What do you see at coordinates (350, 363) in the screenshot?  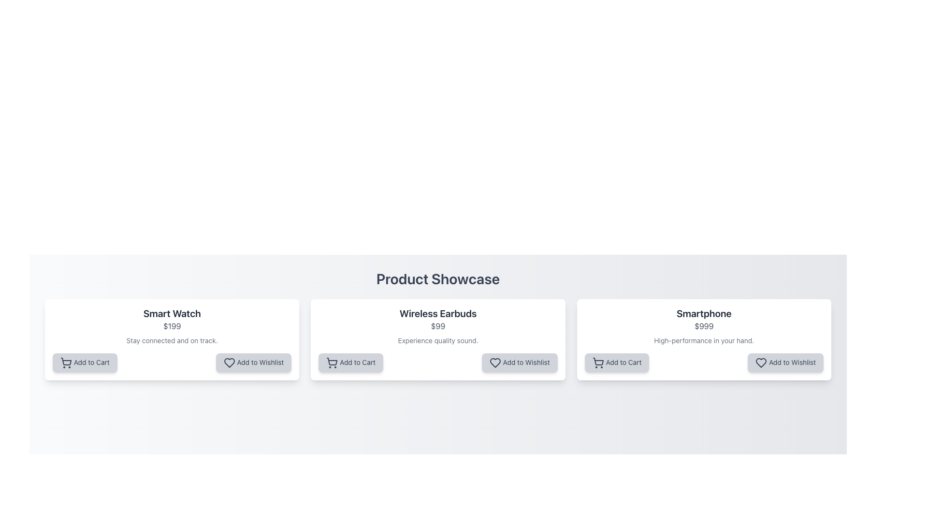 I see `the 'Add to Cart' button for 'Wireless Earbuds' located between 'Smart Watch' and 'Add to Wishlist' to observe hover effects` at bounding box center [350, 363].